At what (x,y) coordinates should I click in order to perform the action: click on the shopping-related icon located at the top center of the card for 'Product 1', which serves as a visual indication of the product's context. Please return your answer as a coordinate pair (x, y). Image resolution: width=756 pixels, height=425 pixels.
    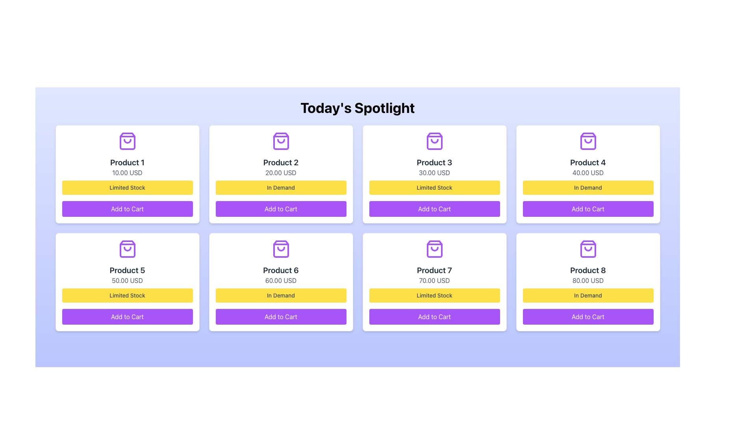
    Looking at the image, I should click on (127, 140).